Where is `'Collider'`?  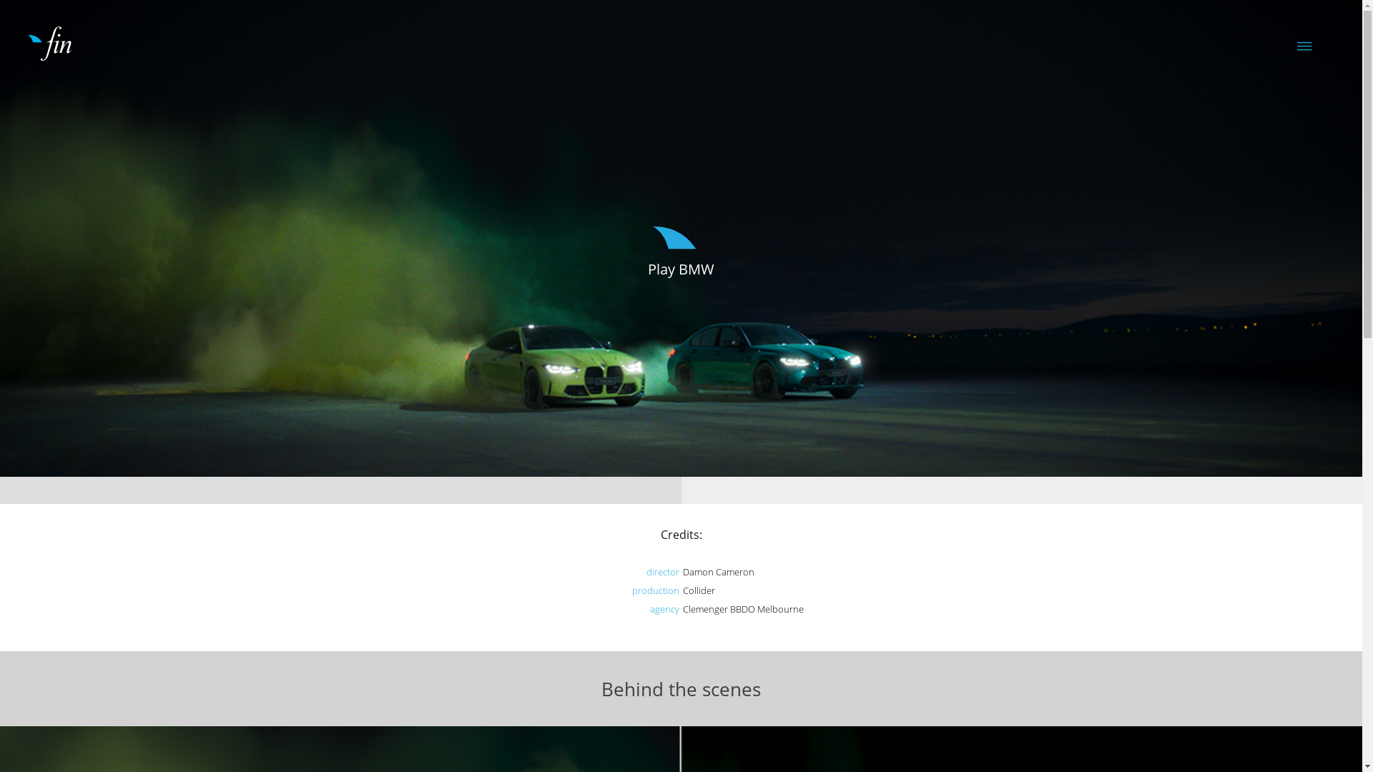
'Collider' is located at coordinates (698, 590).